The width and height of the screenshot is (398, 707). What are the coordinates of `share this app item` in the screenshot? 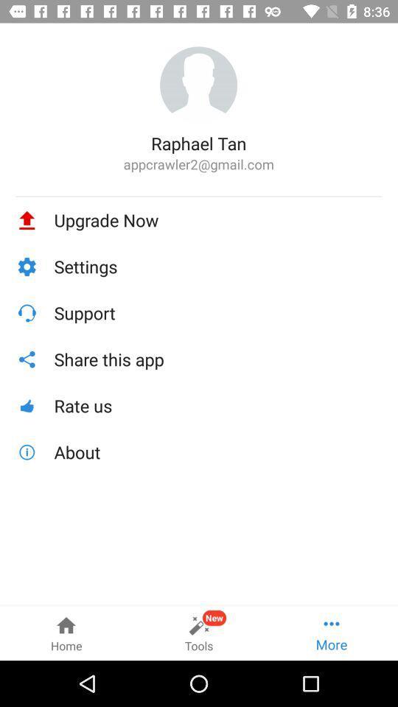 It's located at (217, 359).